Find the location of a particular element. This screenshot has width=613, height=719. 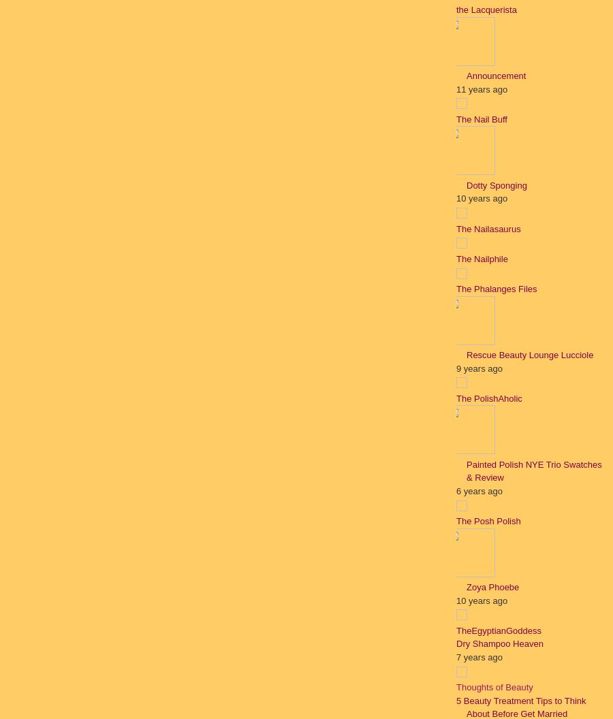

'The PolishAholic' is located at coordinates (488, 398).